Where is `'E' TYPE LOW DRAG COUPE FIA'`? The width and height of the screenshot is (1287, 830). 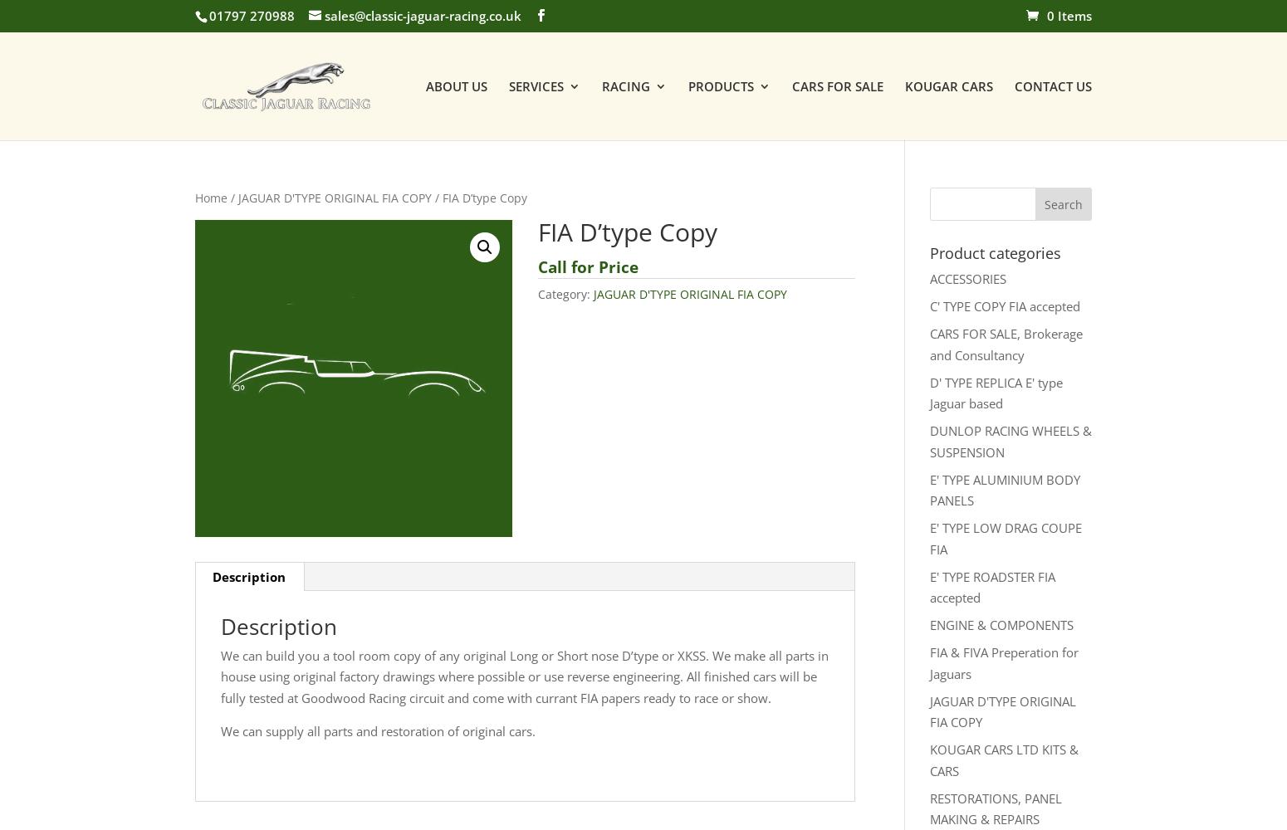
'E' TYPE LOW DRAG COUPE FIA' is located at coordinates (1005, 538).